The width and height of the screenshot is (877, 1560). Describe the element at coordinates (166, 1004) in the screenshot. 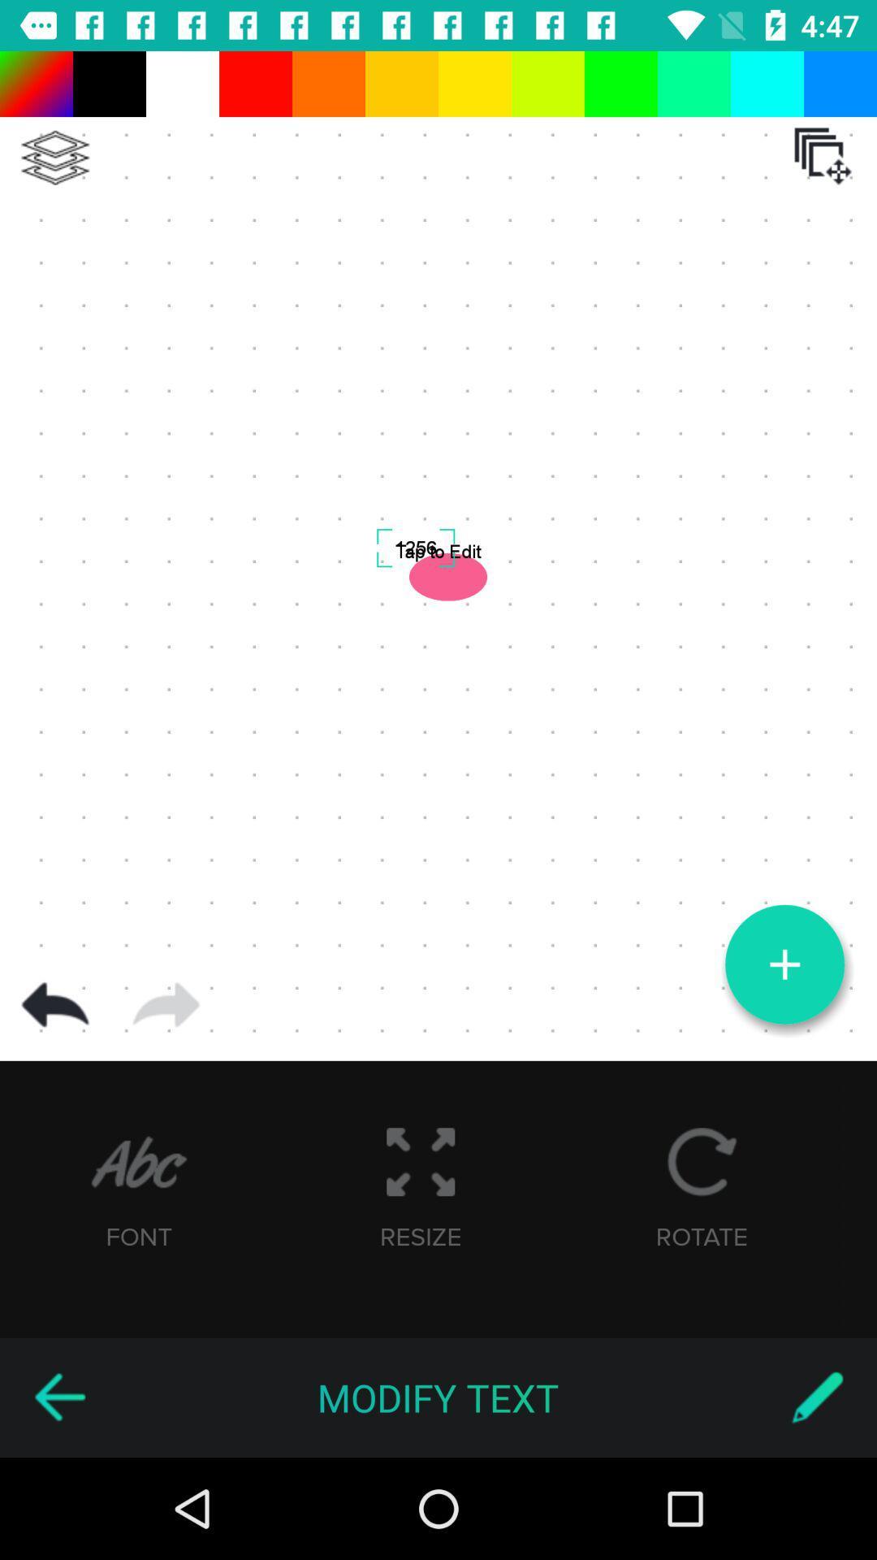

I see `redo` at that location.